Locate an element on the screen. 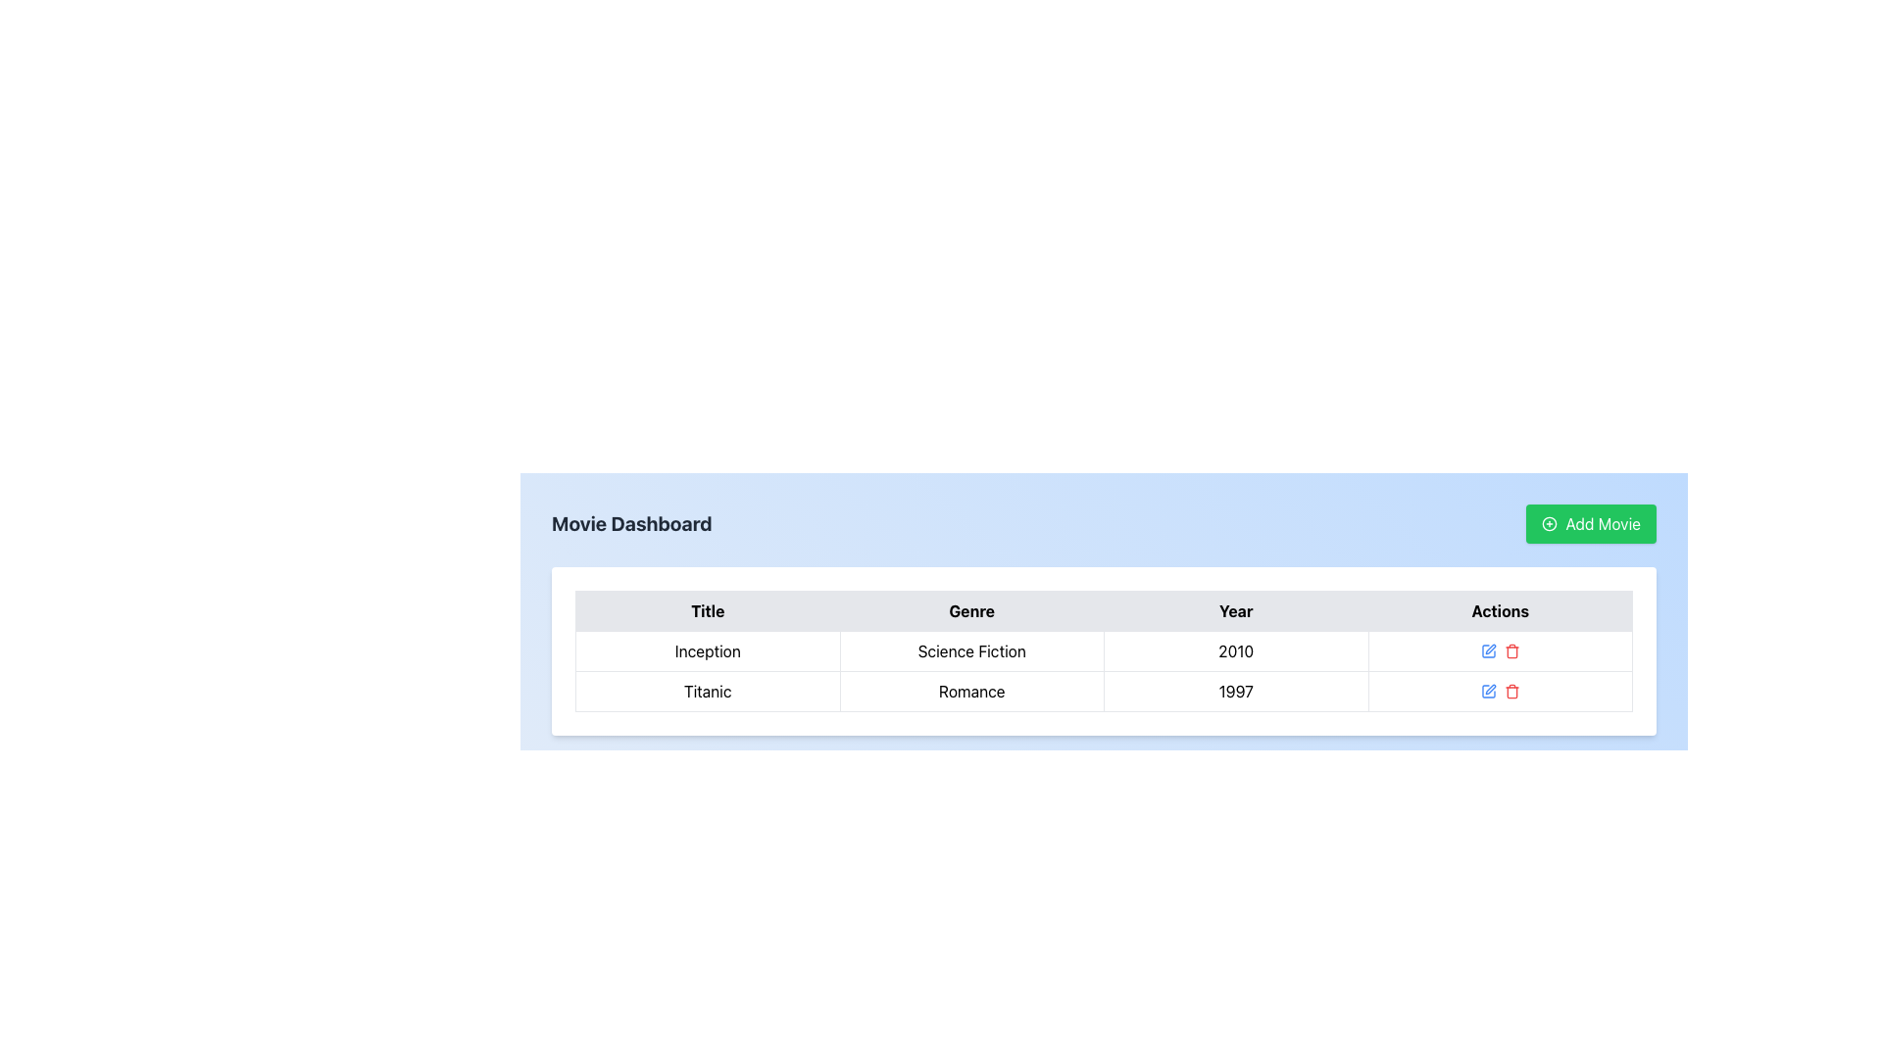  the interactive trash can icon for accessibility navigation is located at coordinates (1511, 650).